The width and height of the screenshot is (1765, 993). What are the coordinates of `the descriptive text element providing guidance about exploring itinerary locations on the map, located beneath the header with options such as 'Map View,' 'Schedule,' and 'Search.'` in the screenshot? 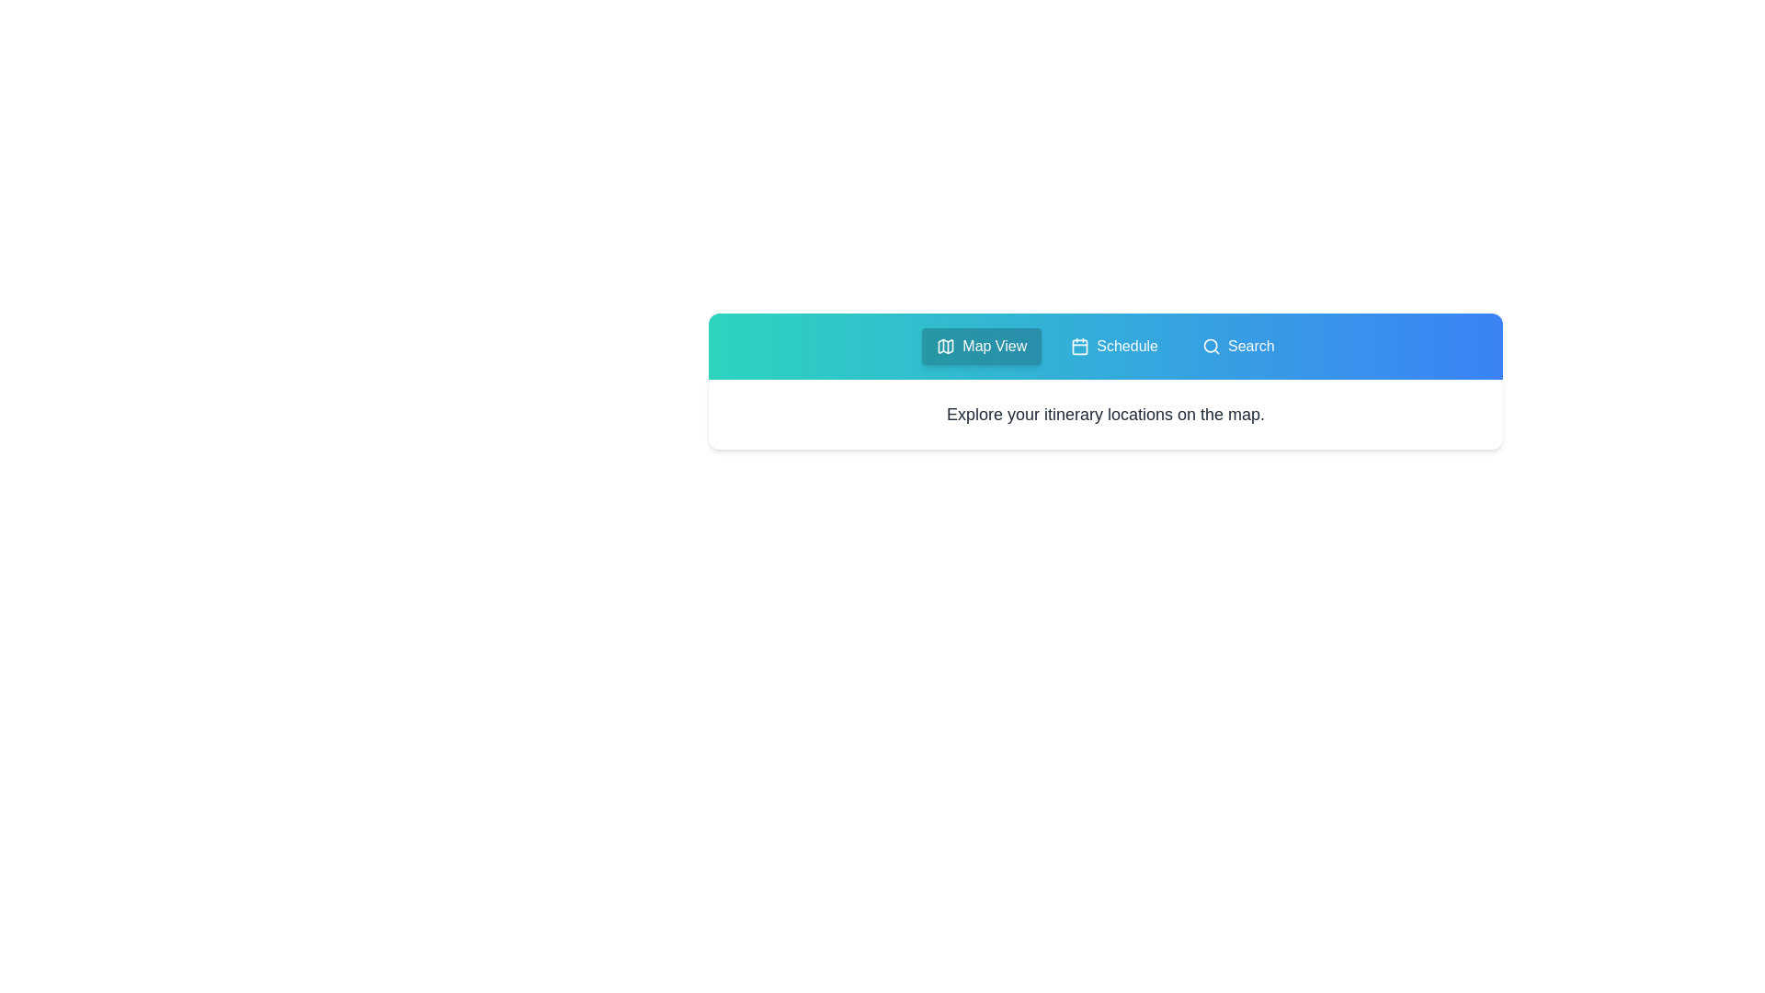 It's located at (1105, 381).